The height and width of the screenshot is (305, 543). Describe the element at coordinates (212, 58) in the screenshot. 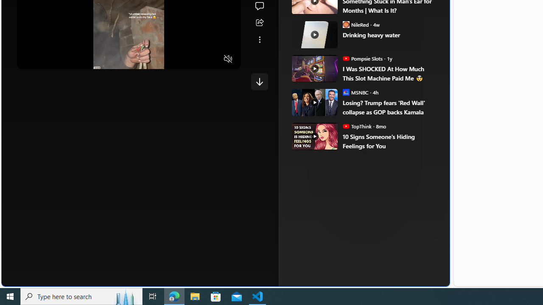

I see `'Fullscreen'` at that location.